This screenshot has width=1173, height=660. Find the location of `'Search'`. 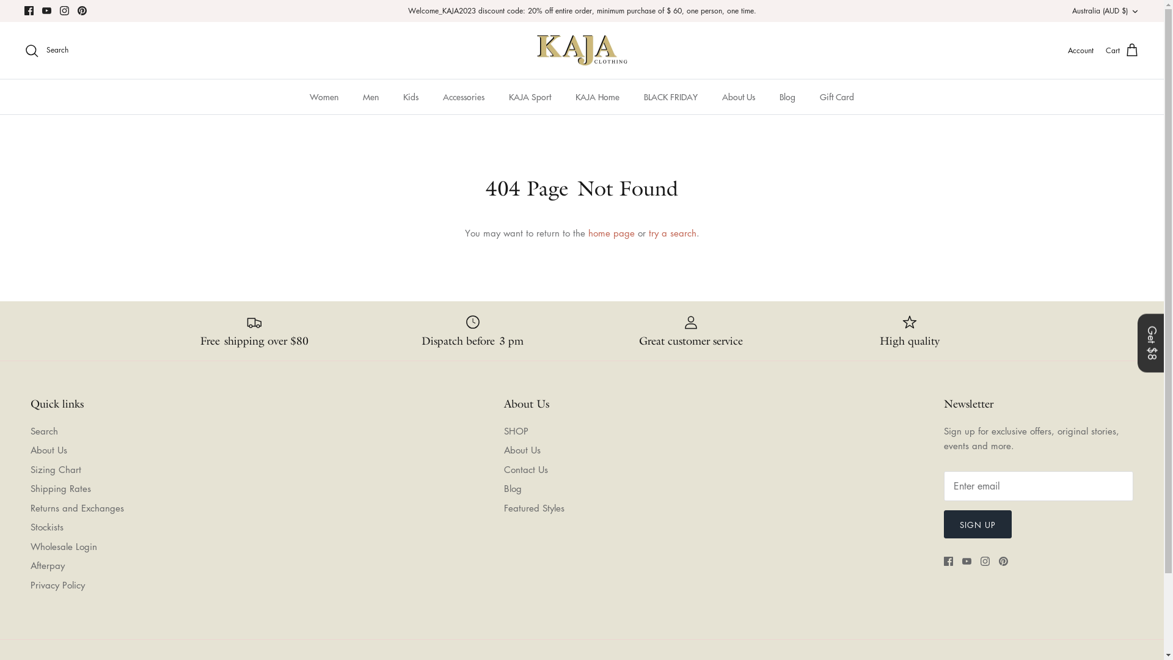

'Search' is located at coordinates (30, 430).